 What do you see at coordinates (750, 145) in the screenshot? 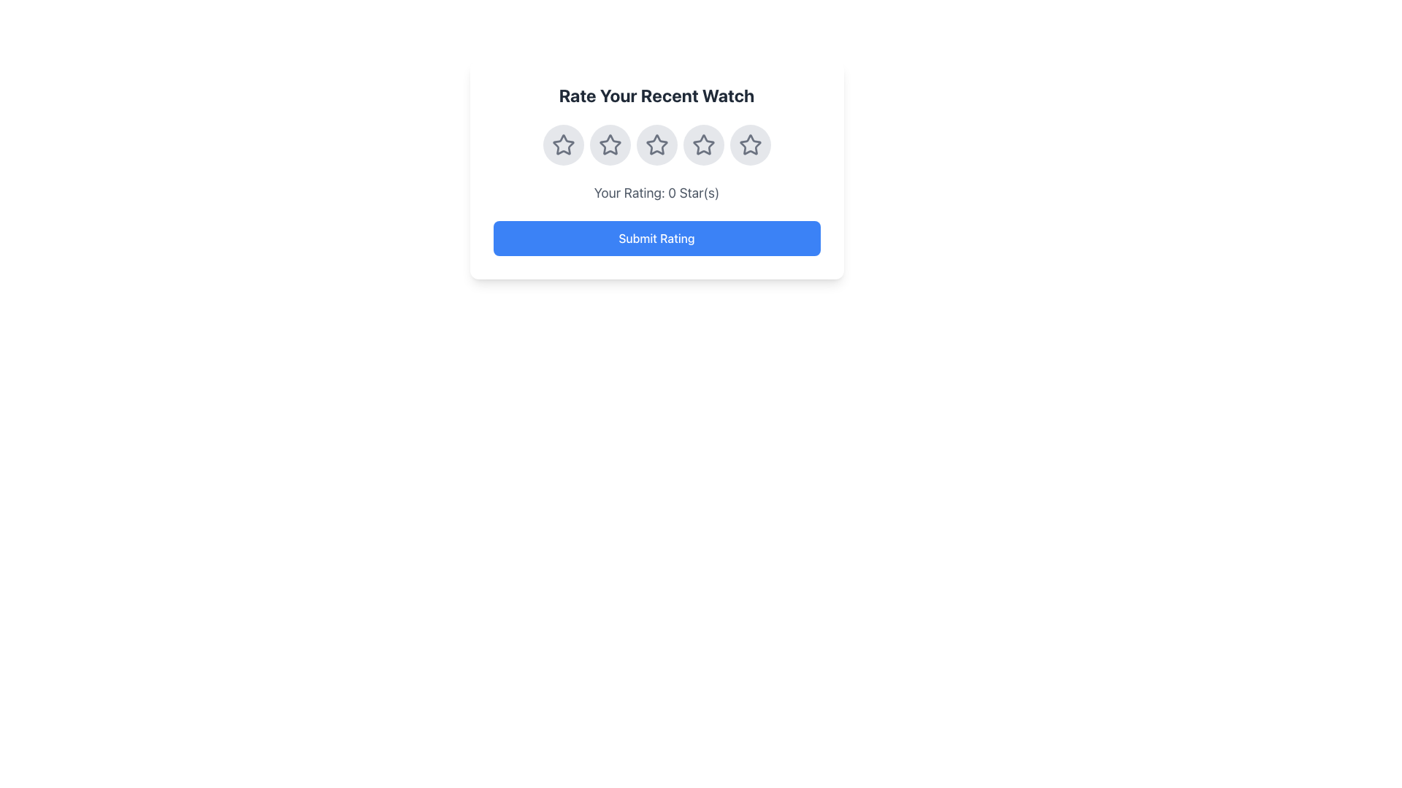
I see `the fifth star in the rating widget below the heading 'Rate Your Recent Watch'` at bounding box center [750, 145].